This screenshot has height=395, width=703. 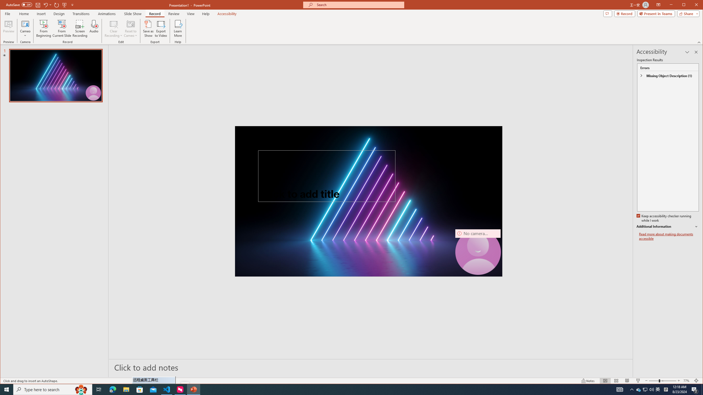 What do you see at coordinates (26, 28) in the screenshot?
I see `'Cameo'` at bounding box center [26, 28].